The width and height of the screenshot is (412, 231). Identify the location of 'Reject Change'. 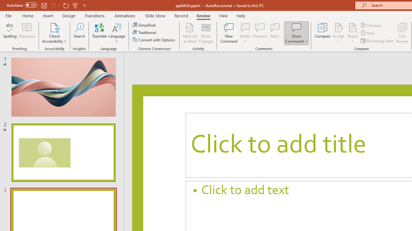
(352, 27).